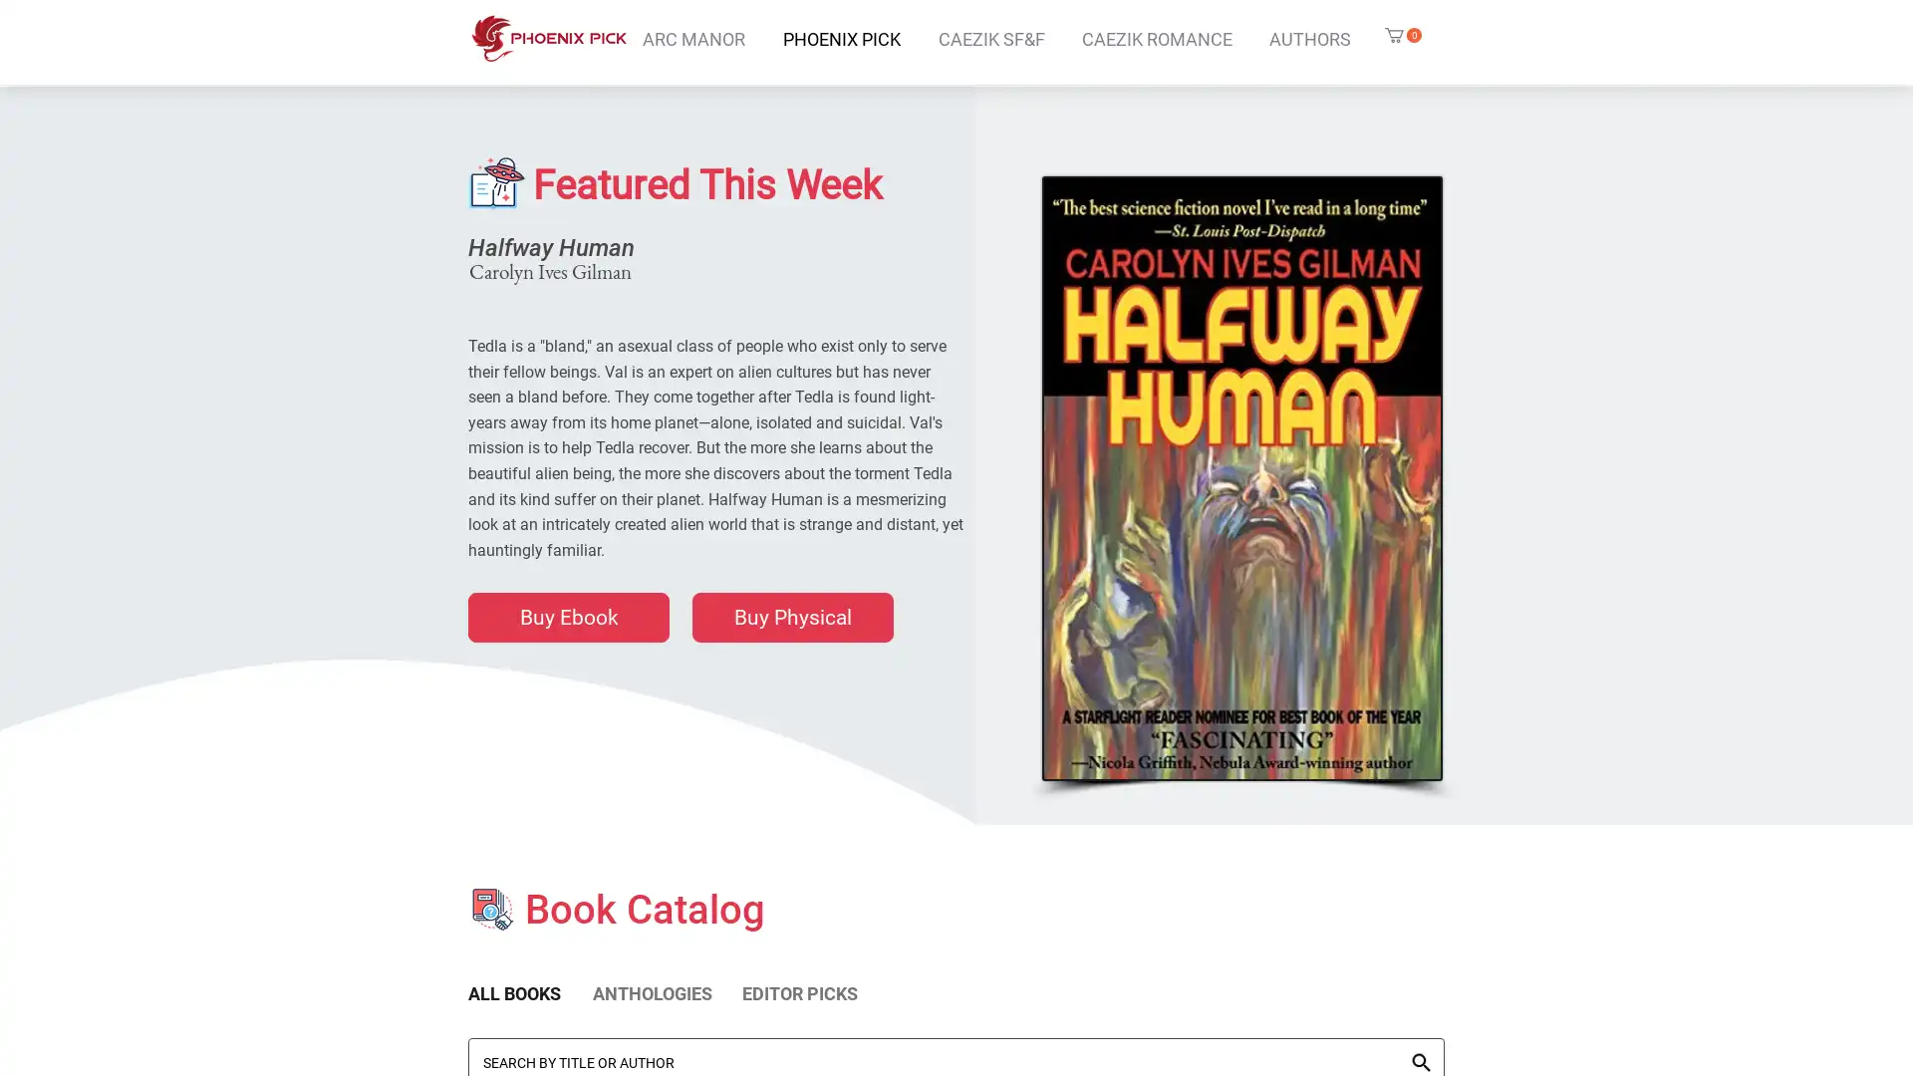 This screenshot has width=1913, height=1076. Describe the element at coordinates (530, 994) in the screenshot. I see `ALL BOOKS` at that location.